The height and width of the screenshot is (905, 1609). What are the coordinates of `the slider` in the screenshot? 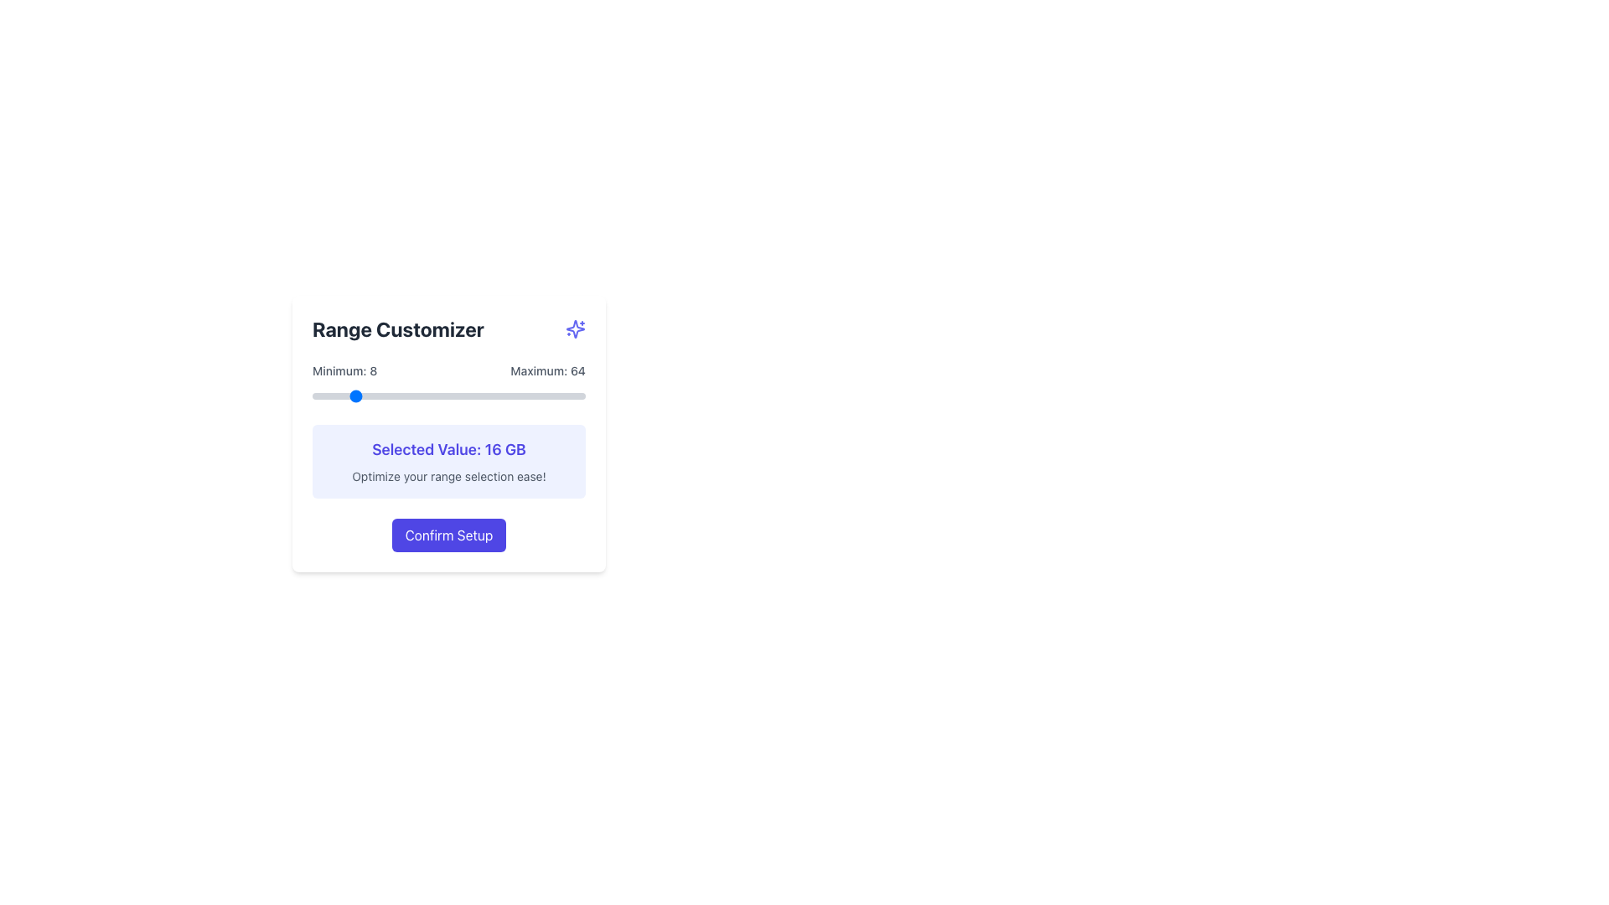 It's located at (581, 396).